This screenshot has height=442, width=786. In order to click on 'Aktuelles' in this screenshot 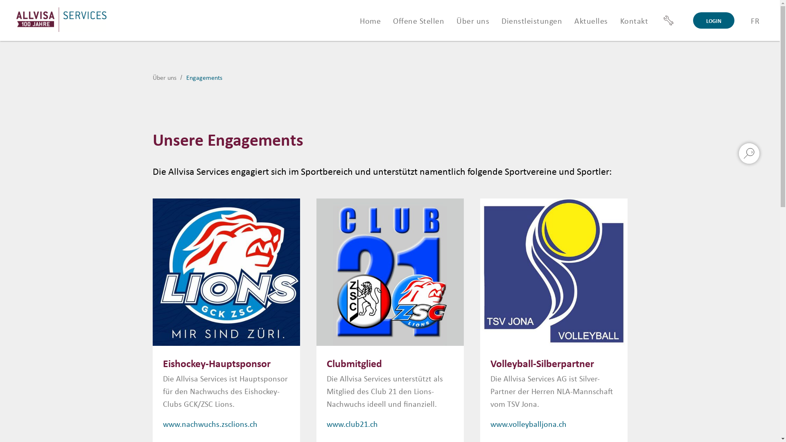, I will do `click(591, 20)`.